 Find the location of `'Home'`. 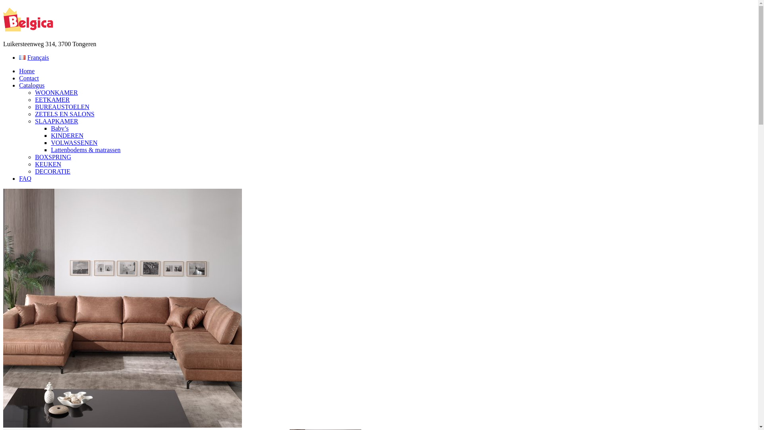

'Home' is located at coordinates (19, 70).